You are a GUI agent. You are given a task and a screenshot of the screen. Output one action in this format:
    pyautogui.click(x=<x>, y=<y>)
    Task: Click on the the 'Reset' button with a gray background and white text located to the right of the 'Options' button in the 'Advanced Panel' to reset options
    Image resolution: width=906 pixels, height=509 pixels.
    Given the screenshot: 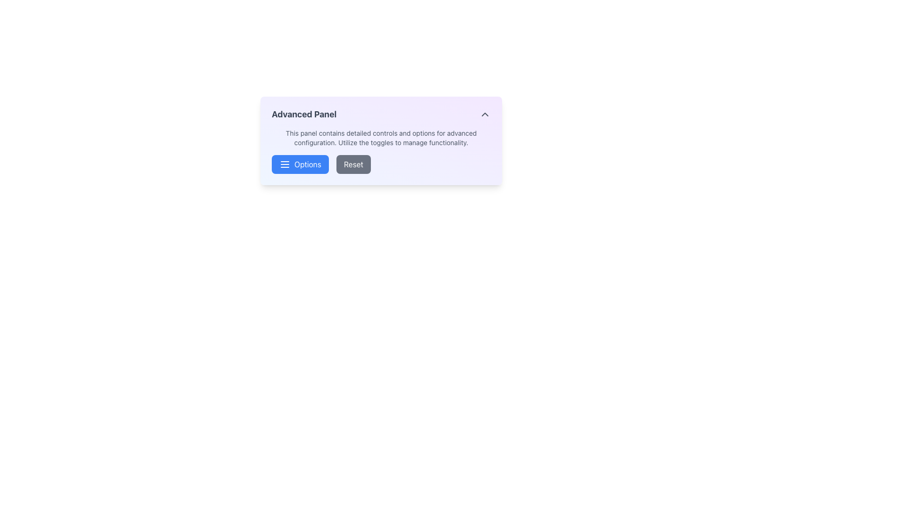 What is the action you would take?
    pyautogui.click(x=353, y=164)
    